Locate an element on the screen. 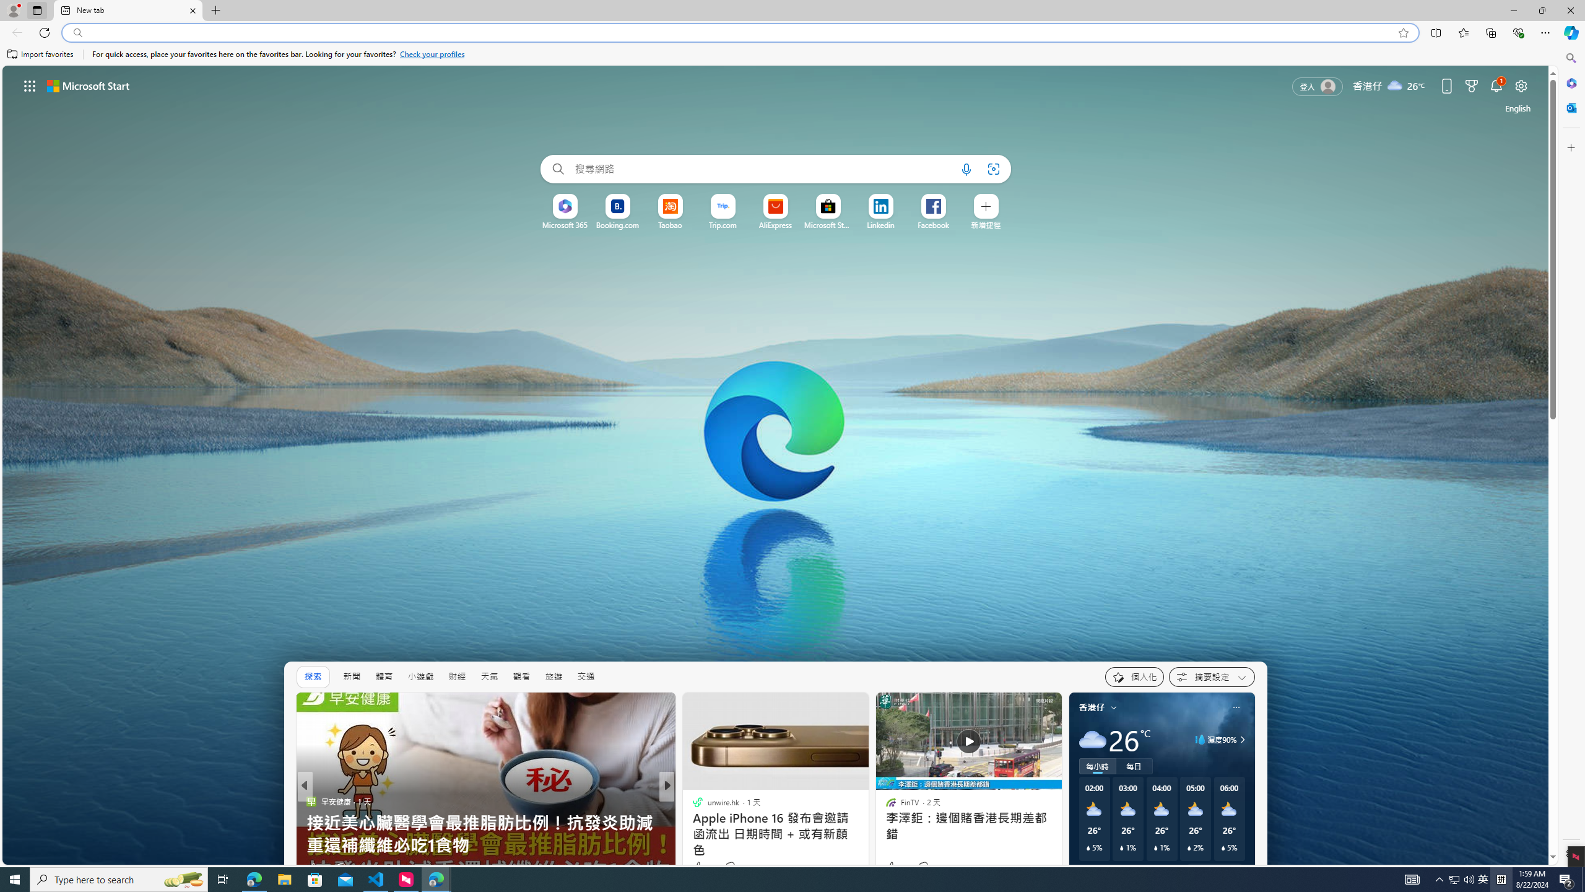 Image resolution: width=1585 pixels, height=892 pixels. 'Taobao' is located at coordinates (669, 225).